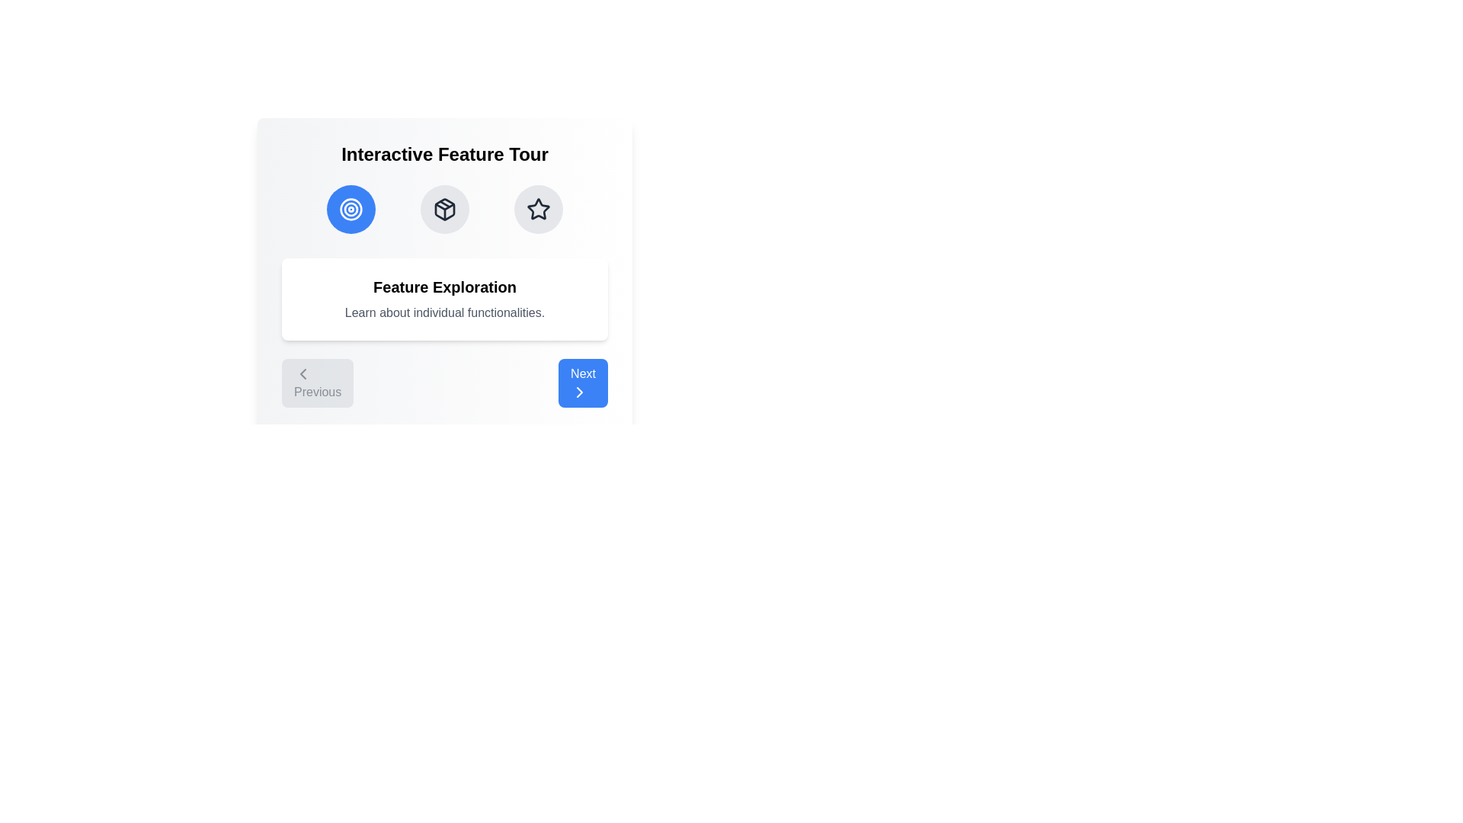  Describe the element at coordinates (444, 209) in the screenshot. I see `the interactive button with a circular icon located in the middle of a horizontal row of three icons, under the 'Interactive Feature Tour' heading` at that location.